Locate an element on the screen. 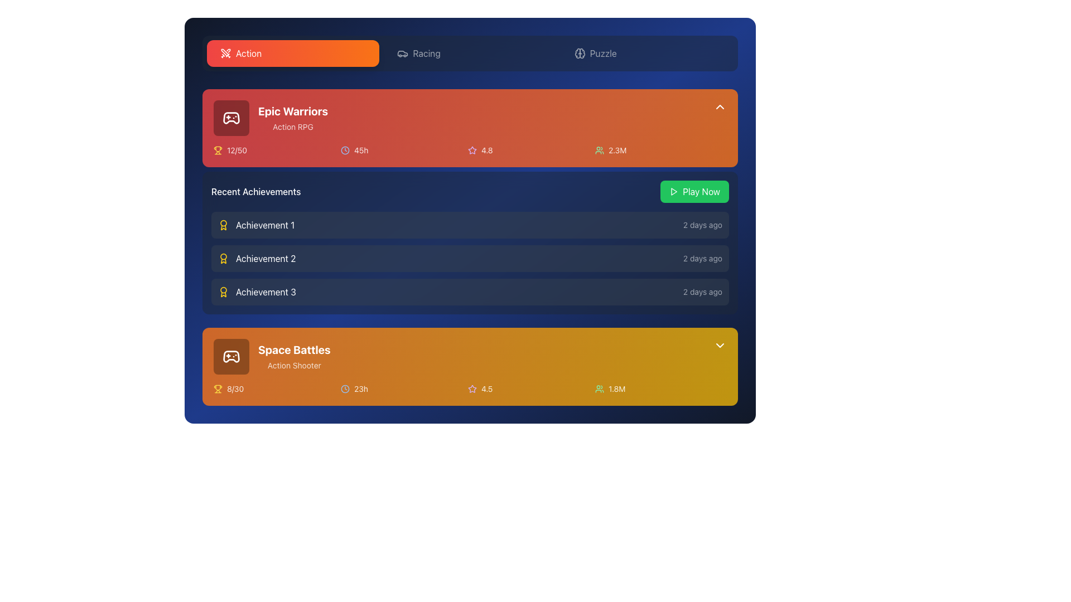 Image resolution: width=1071 pixels, height=602 pixels. the game summary card for 'Epic Warriors', which includes genre, achievements, playtime, rating, and number of players, positioned at the top right below the tab navigation bar is located at coordinates (470, 128).